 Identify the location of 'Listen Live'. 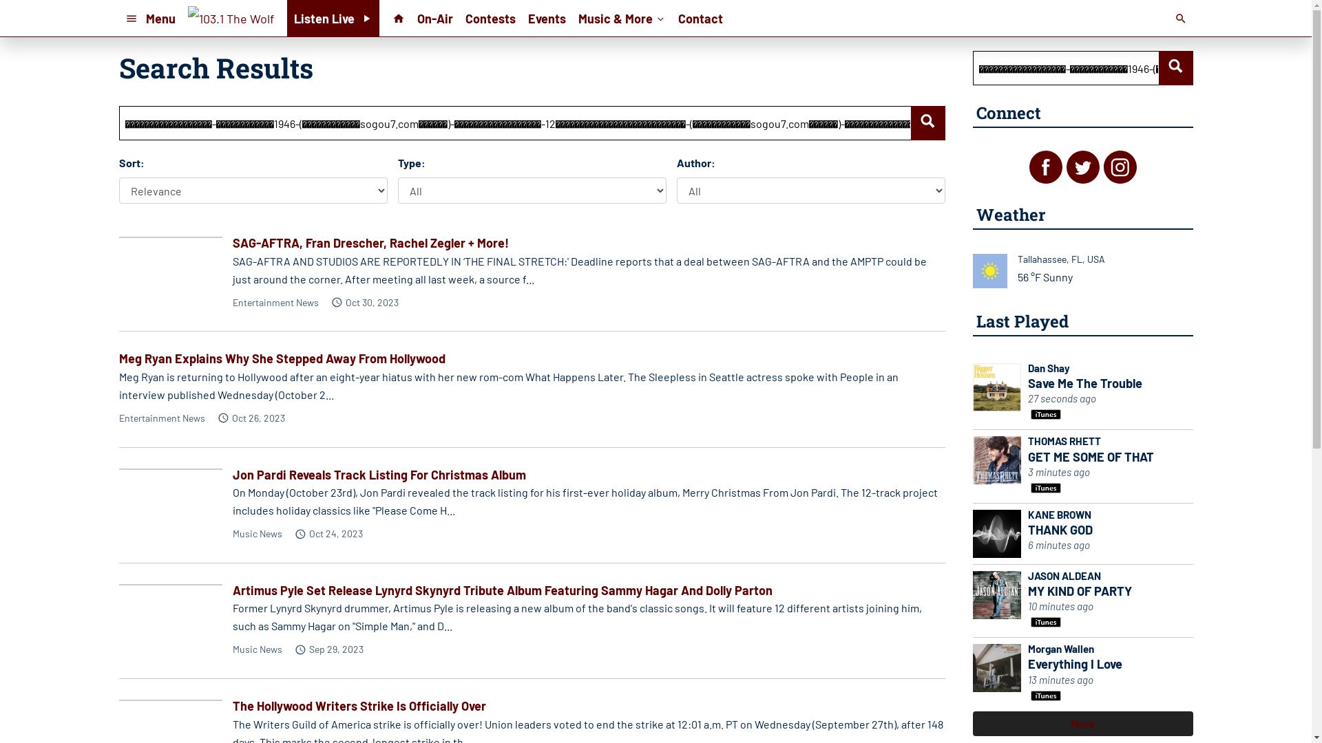
(286, 18).